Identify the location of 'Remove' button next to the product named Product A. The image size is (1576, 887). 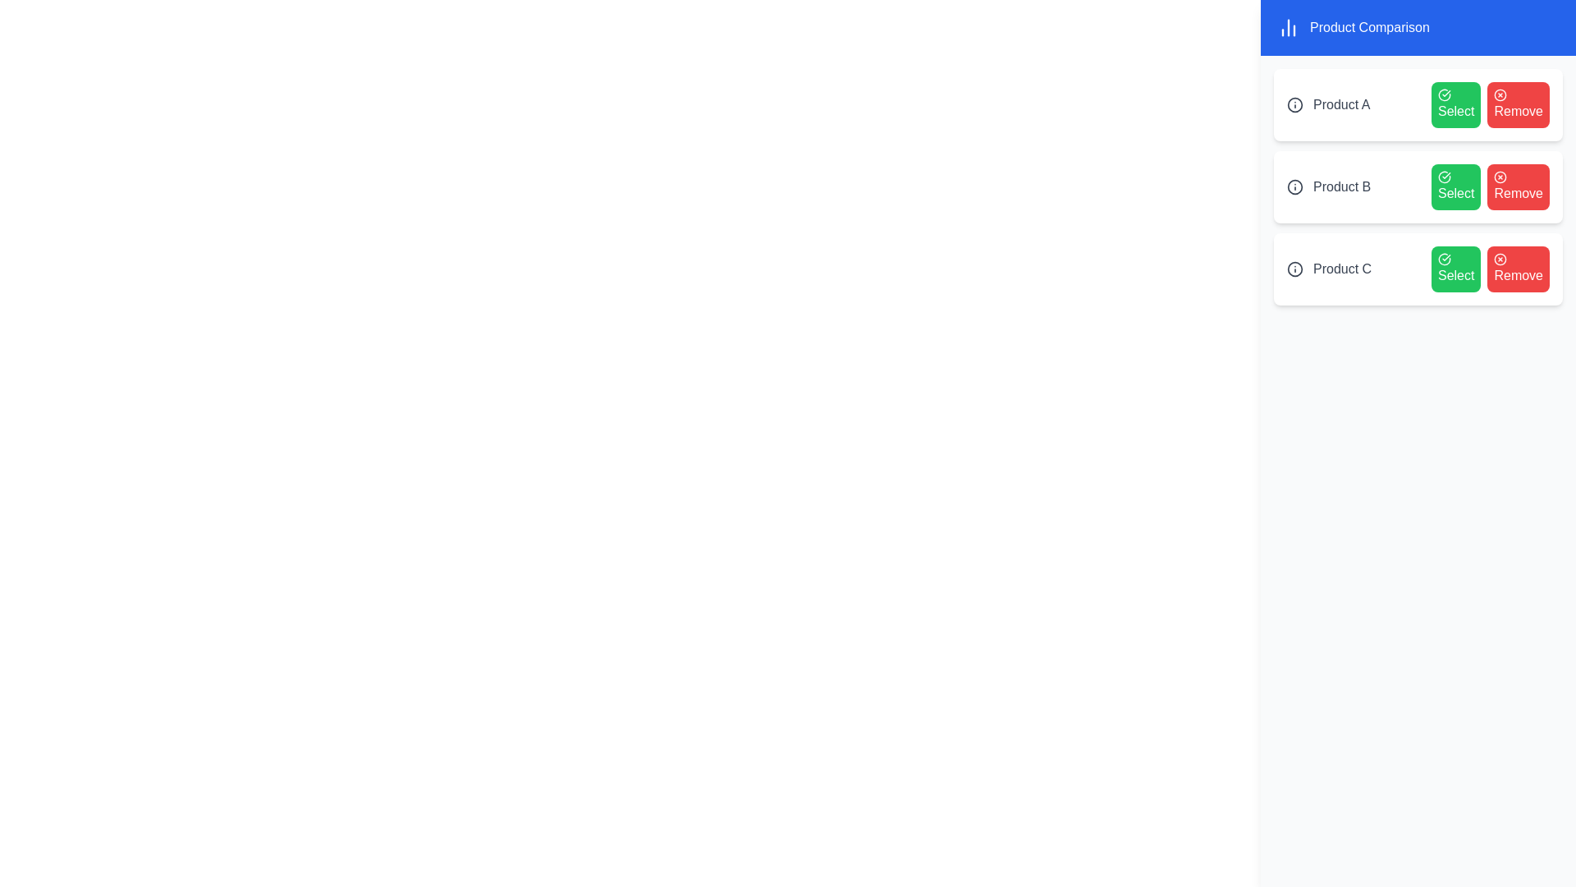
(1518, 104).